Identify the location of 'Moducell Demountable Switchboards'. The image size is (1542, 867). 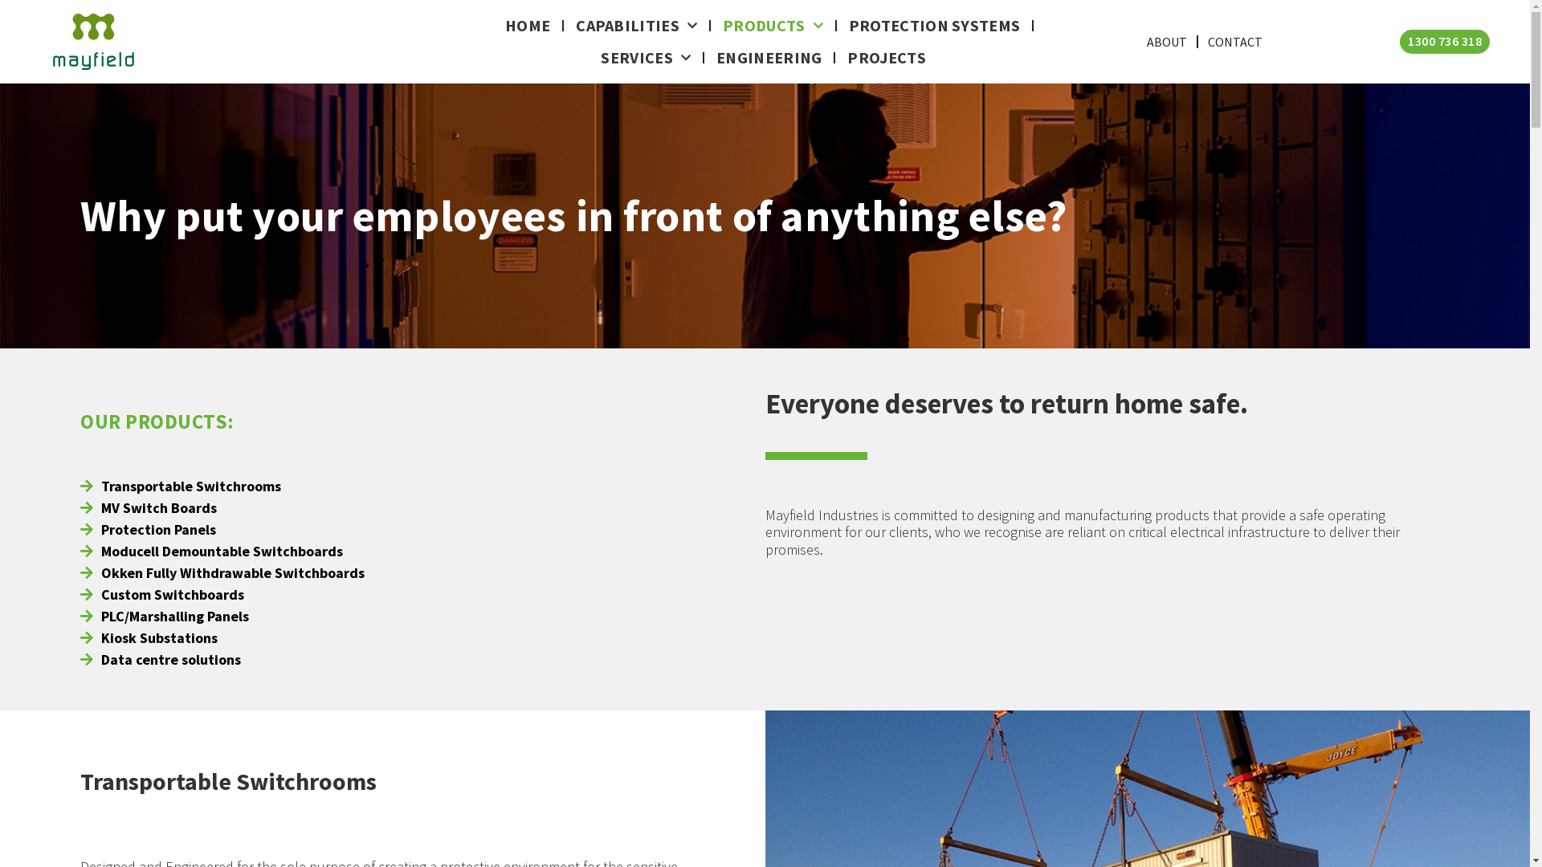
(222, 549).